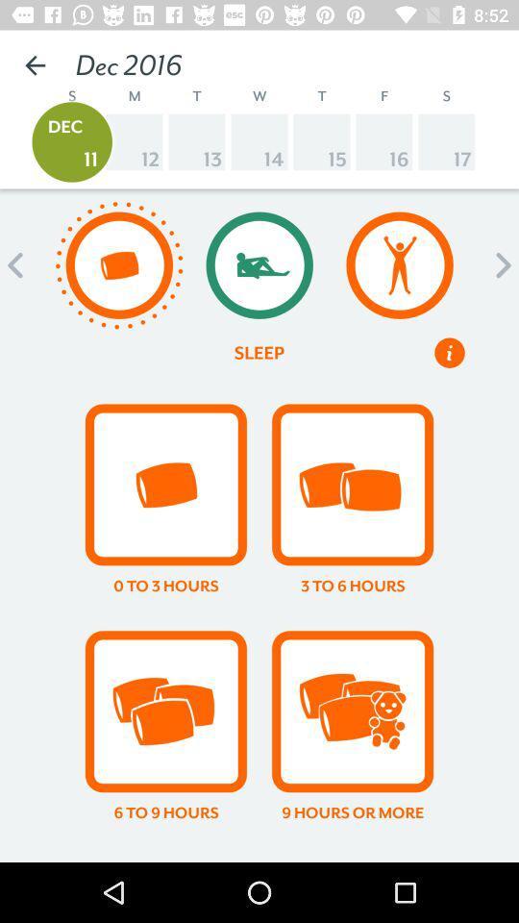 Image resolution: width=519 pixels, height=923 pixels. I want to click on the pause icon, so click(450, 352).